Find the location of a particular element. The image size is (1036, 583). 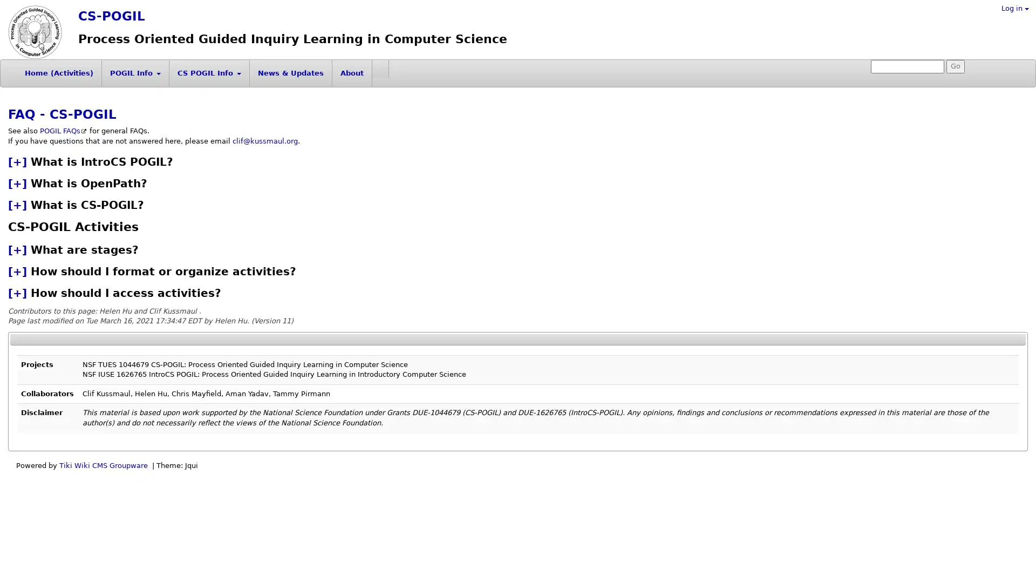

Go is located at coordinates (956, 66).